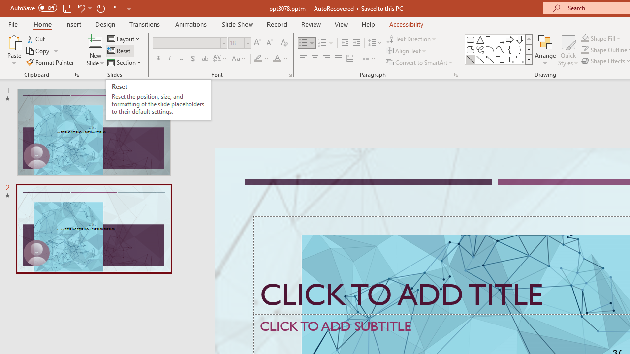 The height and width of the screenshot is (354, 630). I want to click on 'Right Brace', so click(519, 49).